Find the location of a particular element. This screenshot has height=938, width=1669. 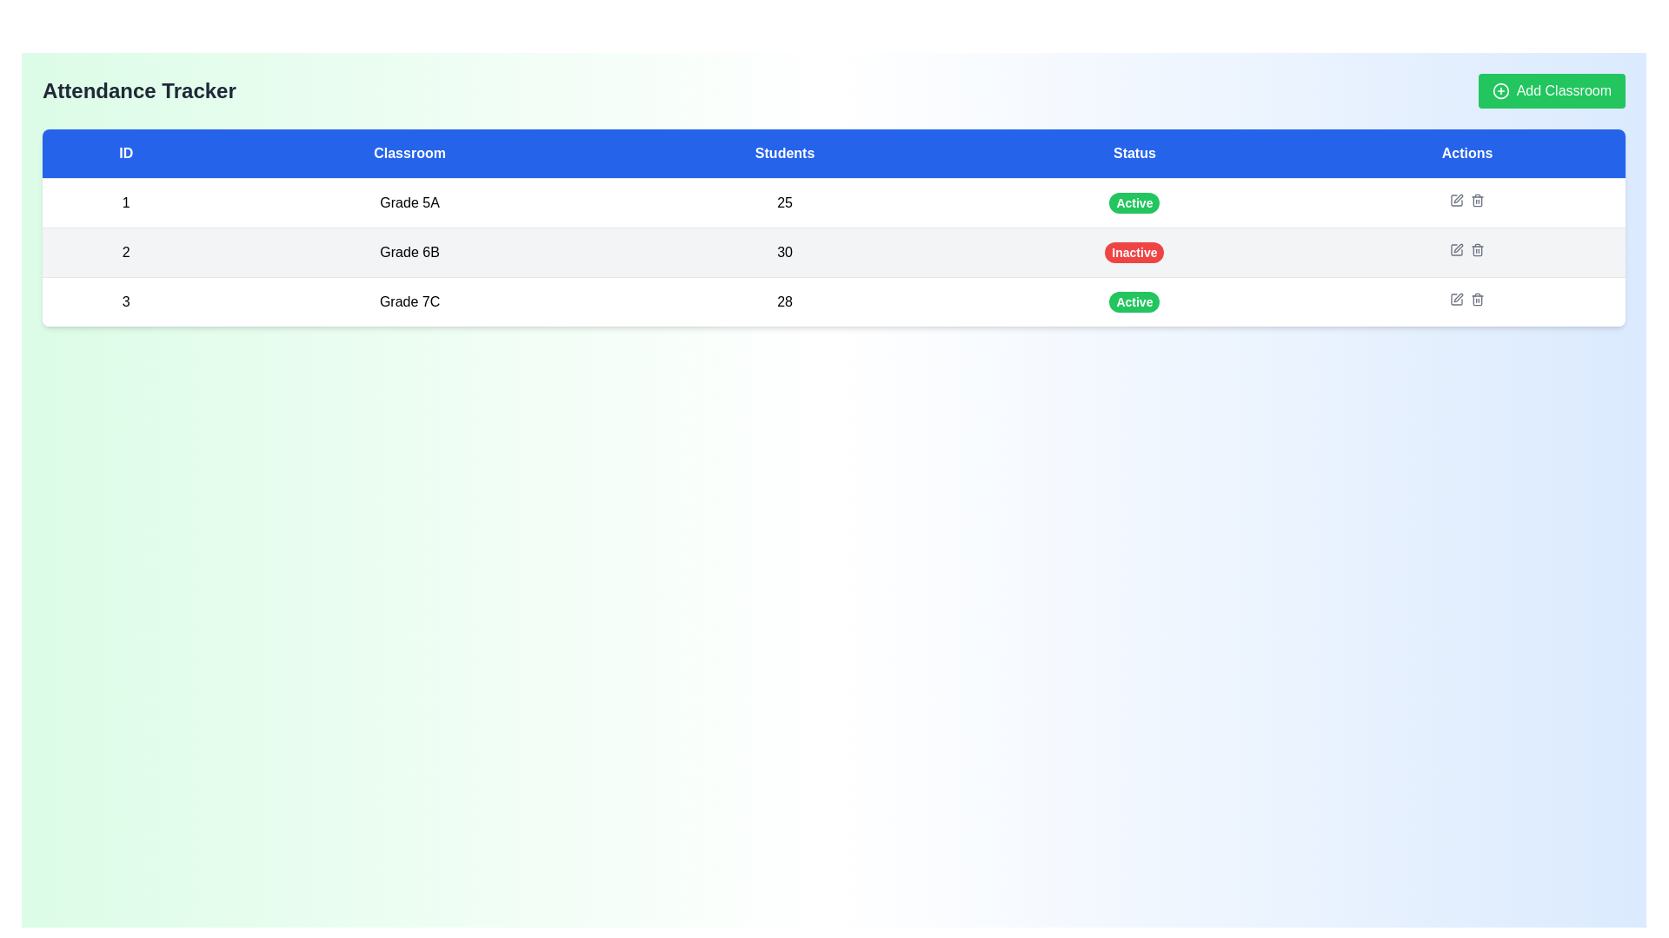

the Status indicator in the second row of the table, which denotes the current status as inactive for 'Grade 6B' is located at coordinates (1134, 252).